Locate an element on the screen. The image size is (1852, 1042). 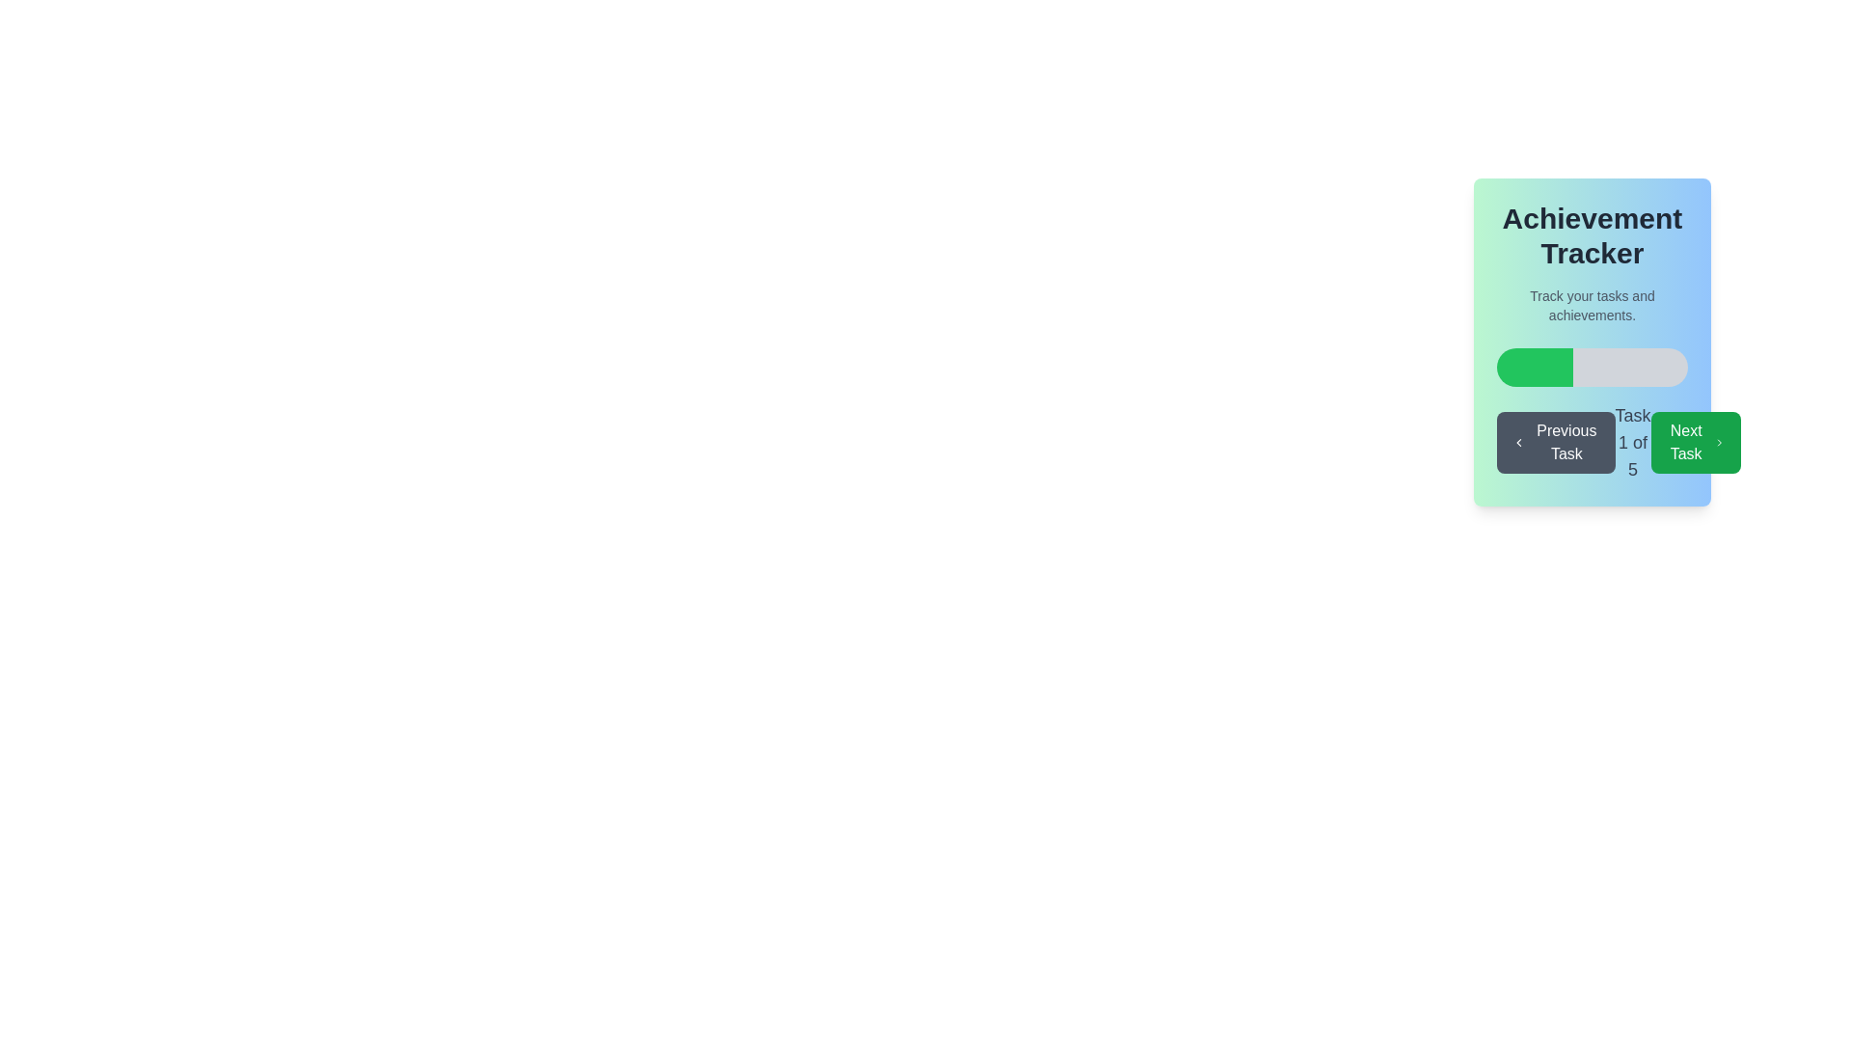
the Rightward Chevron Icon located within the green 'Next Task' button at the bottom-right corner of the 'Achievement Tracker' card is located at coordinates (1719, 443).